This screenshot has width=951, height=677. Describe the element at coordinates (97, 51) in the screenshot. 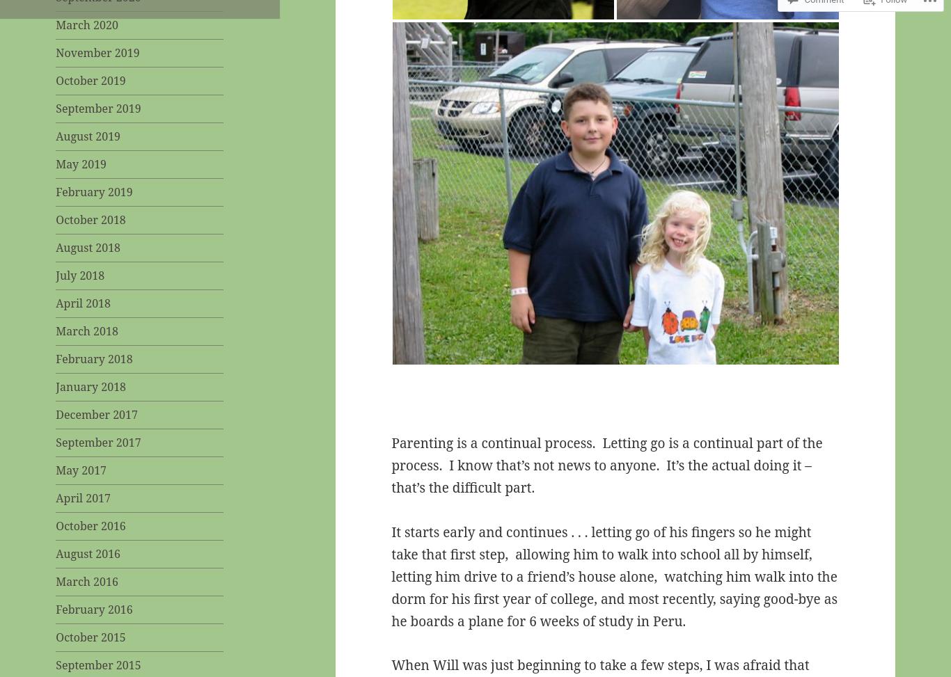

I see `'November 2019'` at that location.